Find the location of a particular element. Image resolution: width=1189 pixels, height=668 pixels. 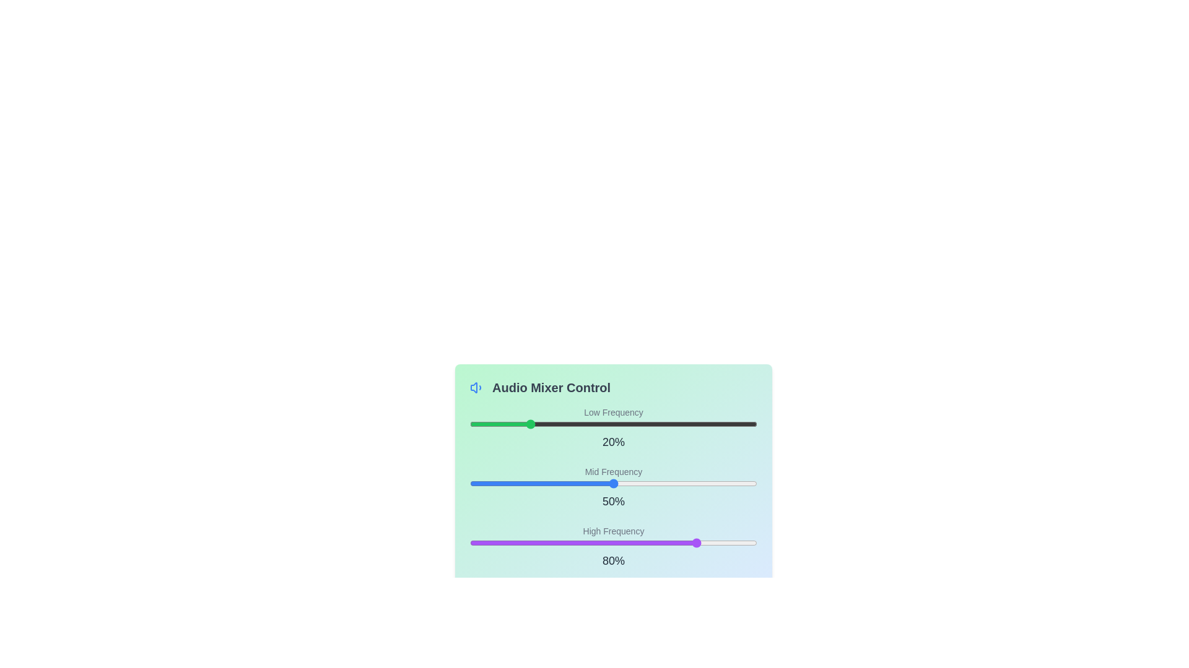

the 'Mid Frequency' slider is located at coordinates (751, 483).